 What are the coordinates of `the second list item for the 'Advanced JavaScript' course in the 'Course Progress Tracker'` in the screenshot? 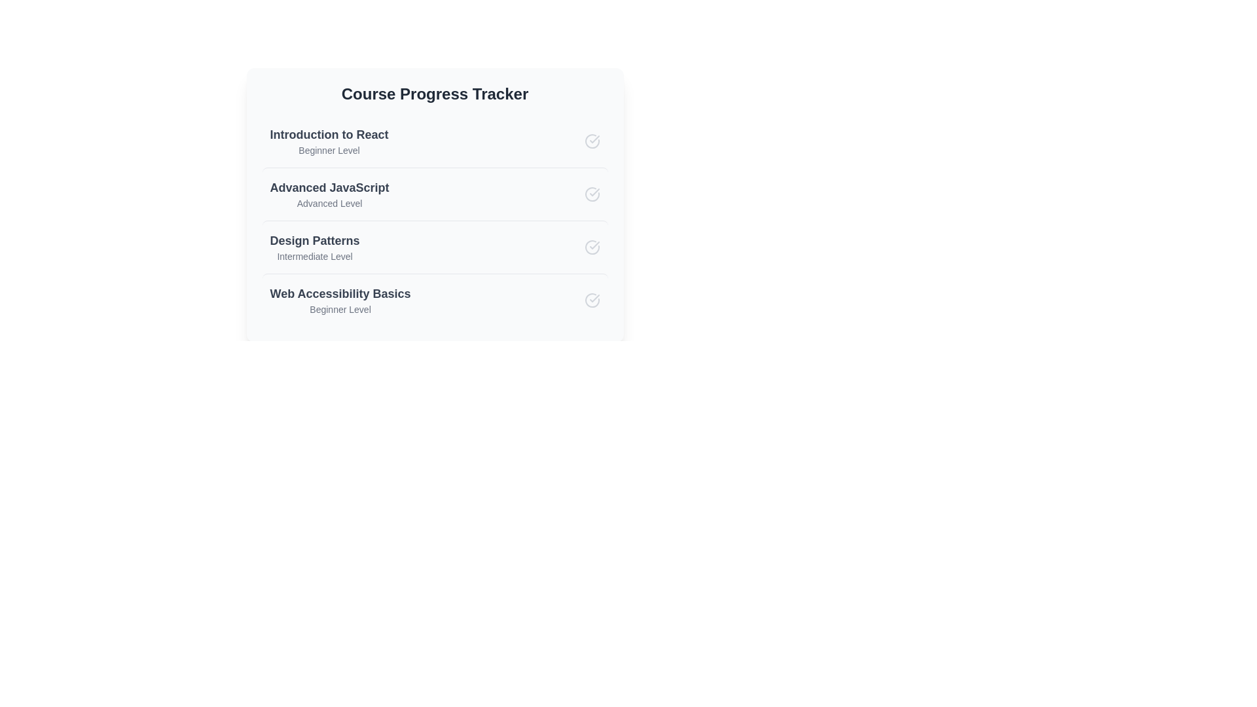 It's located at (435, 194).